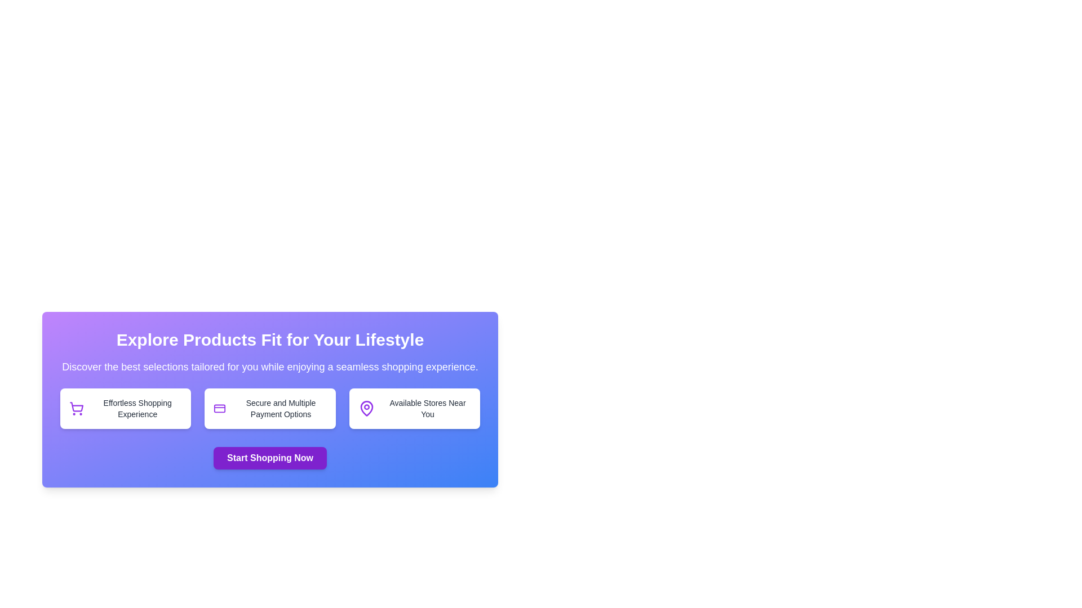  What do you see at coordinates (269, 408) in the screenshot?
I see `the Informational Card featuring a credit card icon and the text 'Secure and Multiple Payment Options', which is positioned in the middle of three cards` at bounding box center [269, 408].